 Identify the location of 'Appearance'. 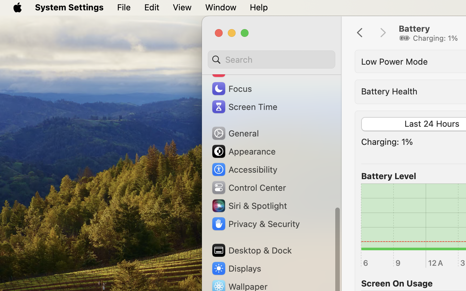
(243, 151).